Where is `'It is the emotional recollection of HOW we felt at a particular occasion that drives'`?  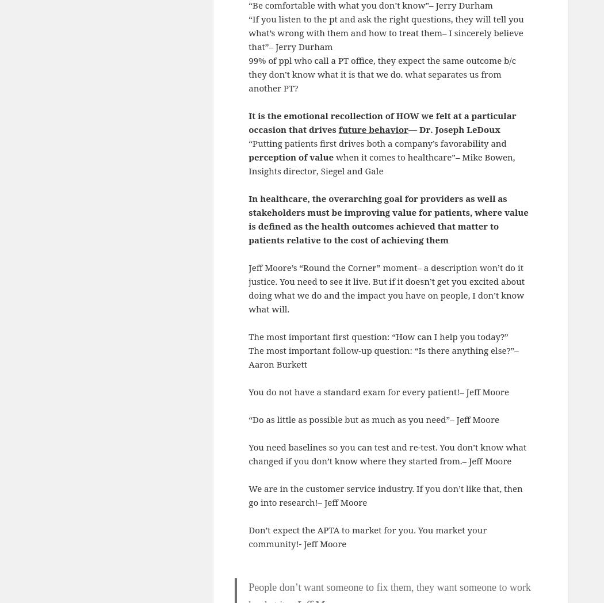 'It is the emotional recollection of HOW we felt at a particular occasion that drives' is located at coordinates (247, 121).